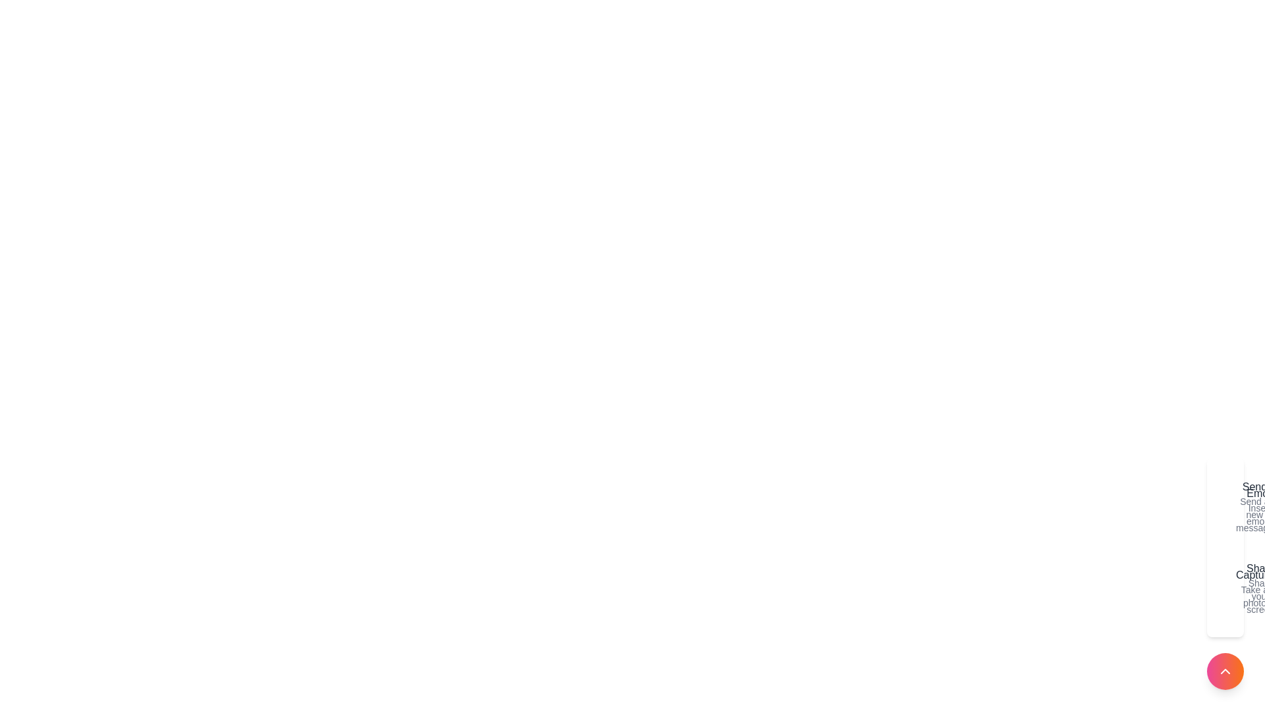  Describe the element at coordinates (1238, 588) in the screenshot. I see `the action Share to highlight it` at that location.